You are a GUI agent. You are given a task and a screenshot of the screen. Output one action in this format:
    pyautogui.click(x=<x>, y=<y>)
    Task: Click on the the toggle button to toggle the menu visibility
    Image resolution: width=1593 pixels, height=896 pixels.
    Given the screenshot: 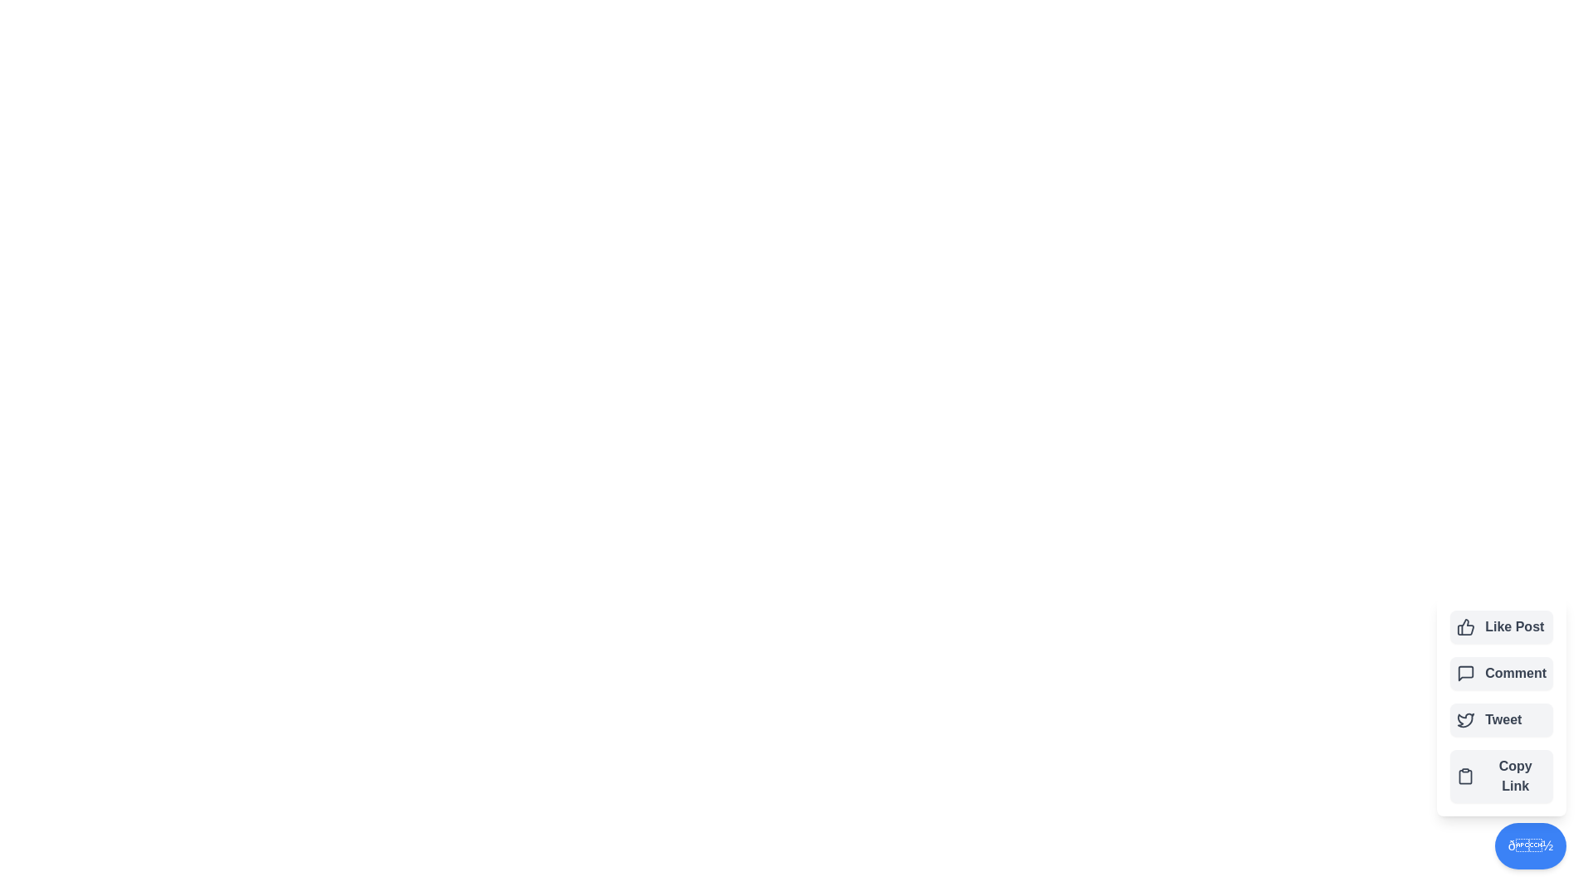 What is the action you would take?
    pyautogui.click(x=1529, y=845)
    